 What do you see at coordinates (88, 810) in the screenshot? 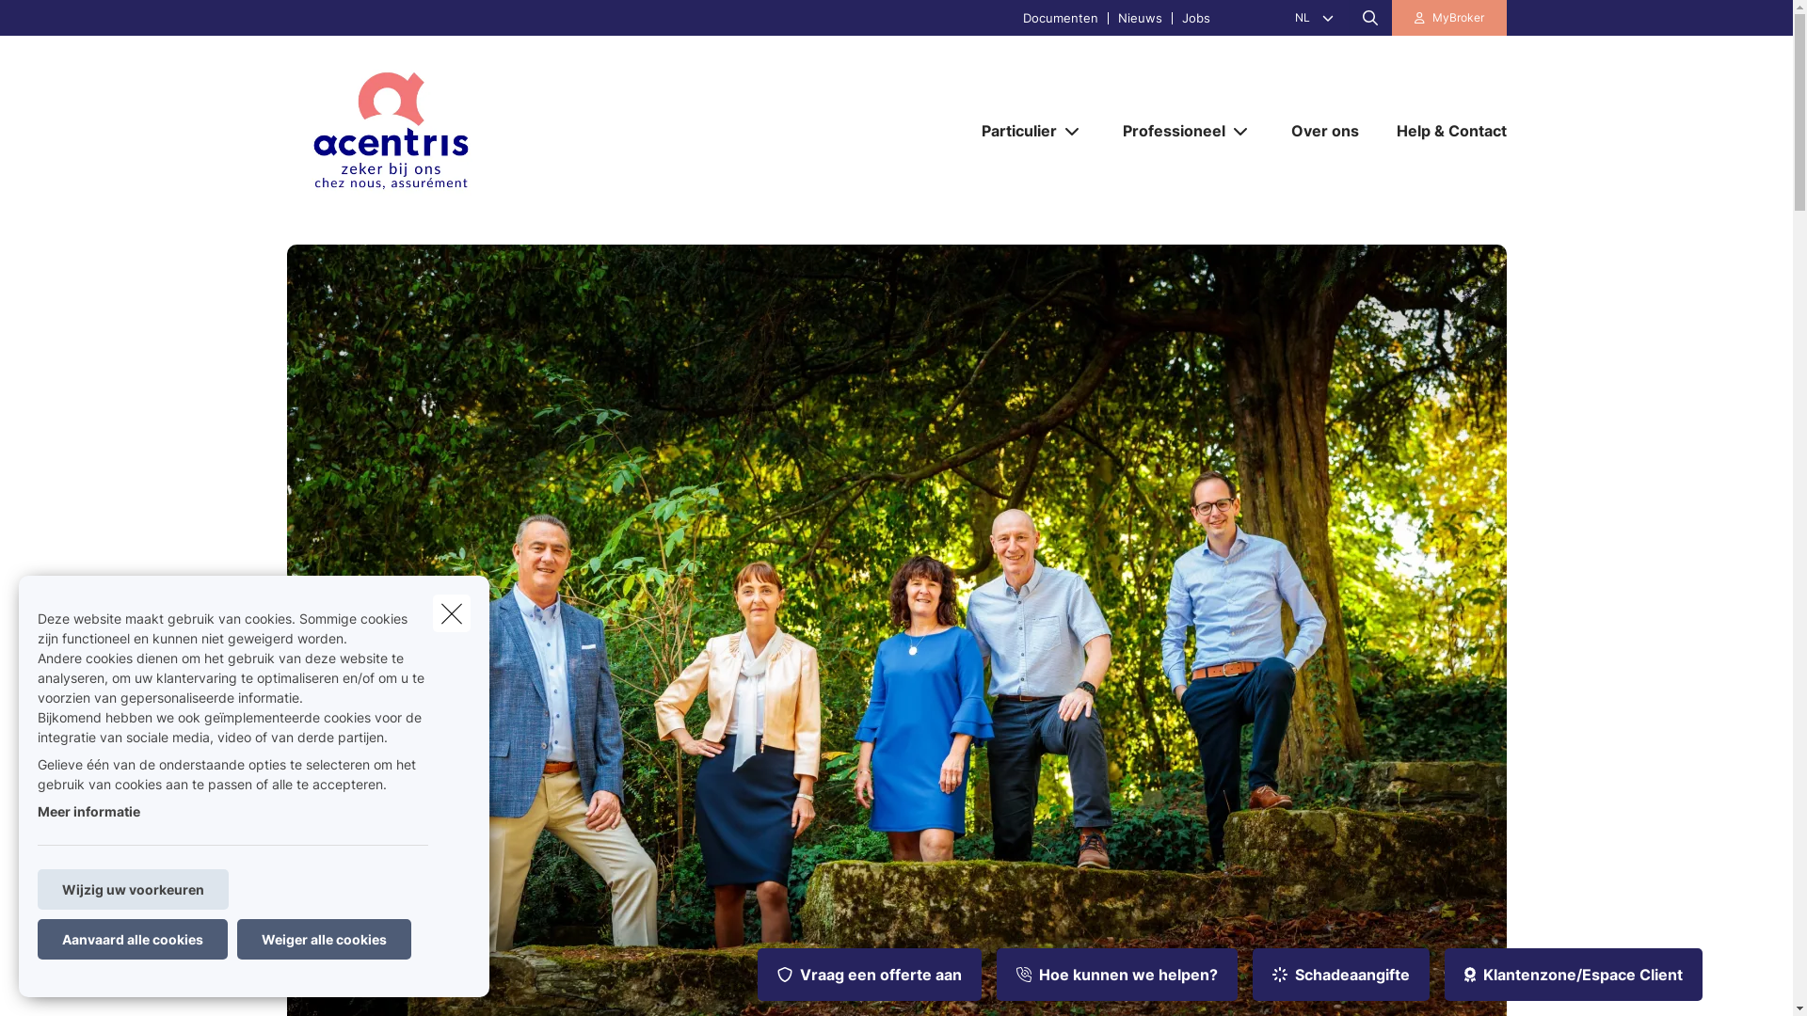
I see `'Meer informatie'` at bounding box center [88, 810].